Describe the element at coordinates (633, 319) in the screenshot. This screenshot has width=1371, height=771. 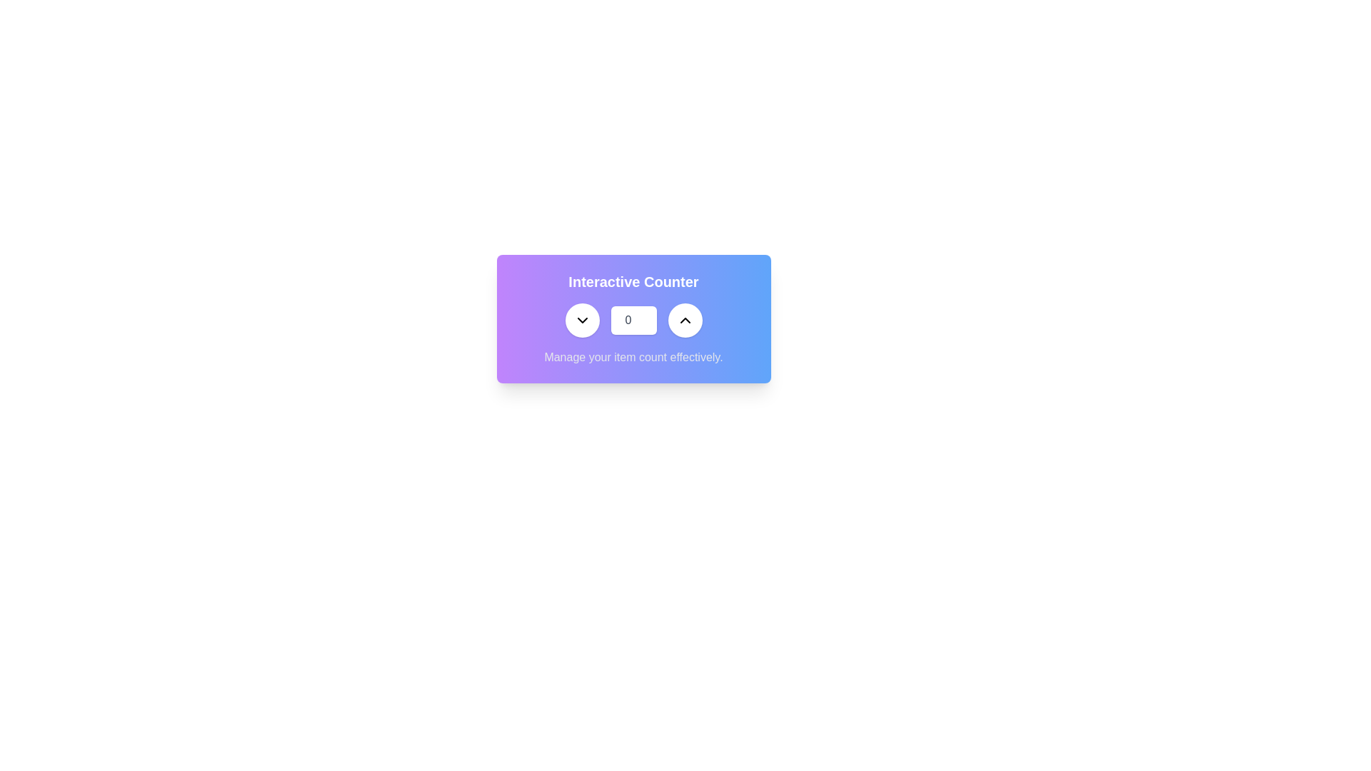
I see `the interactive control group containing buttons and a numeric input for visual feedback` at that location.